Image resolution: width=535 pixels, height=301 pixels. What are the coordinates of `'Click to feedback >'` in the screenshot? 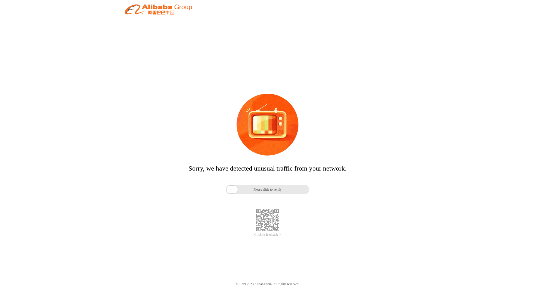 It's located at (254, 235).